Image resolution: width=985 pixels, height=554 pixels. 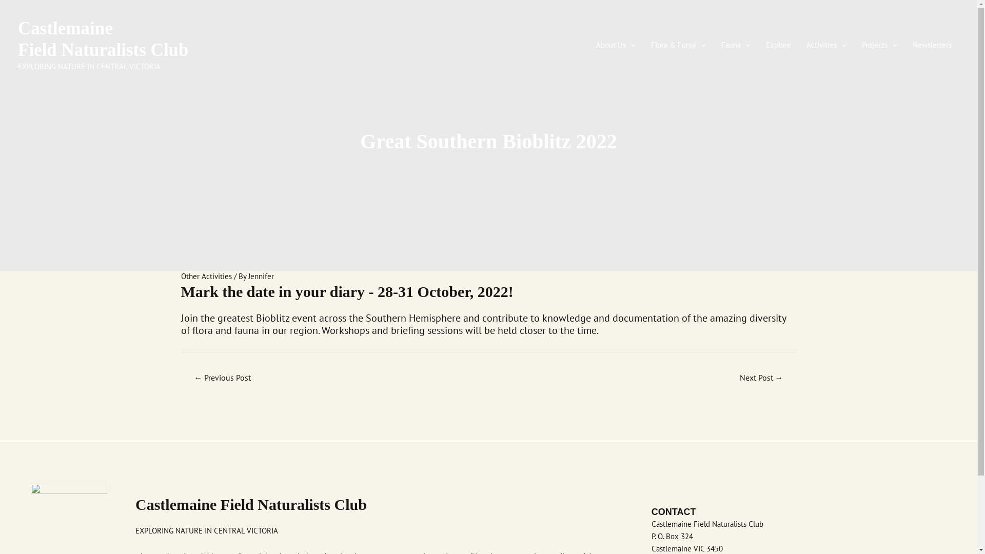 I want to click on 'About Us', so click(x=616, y=45).